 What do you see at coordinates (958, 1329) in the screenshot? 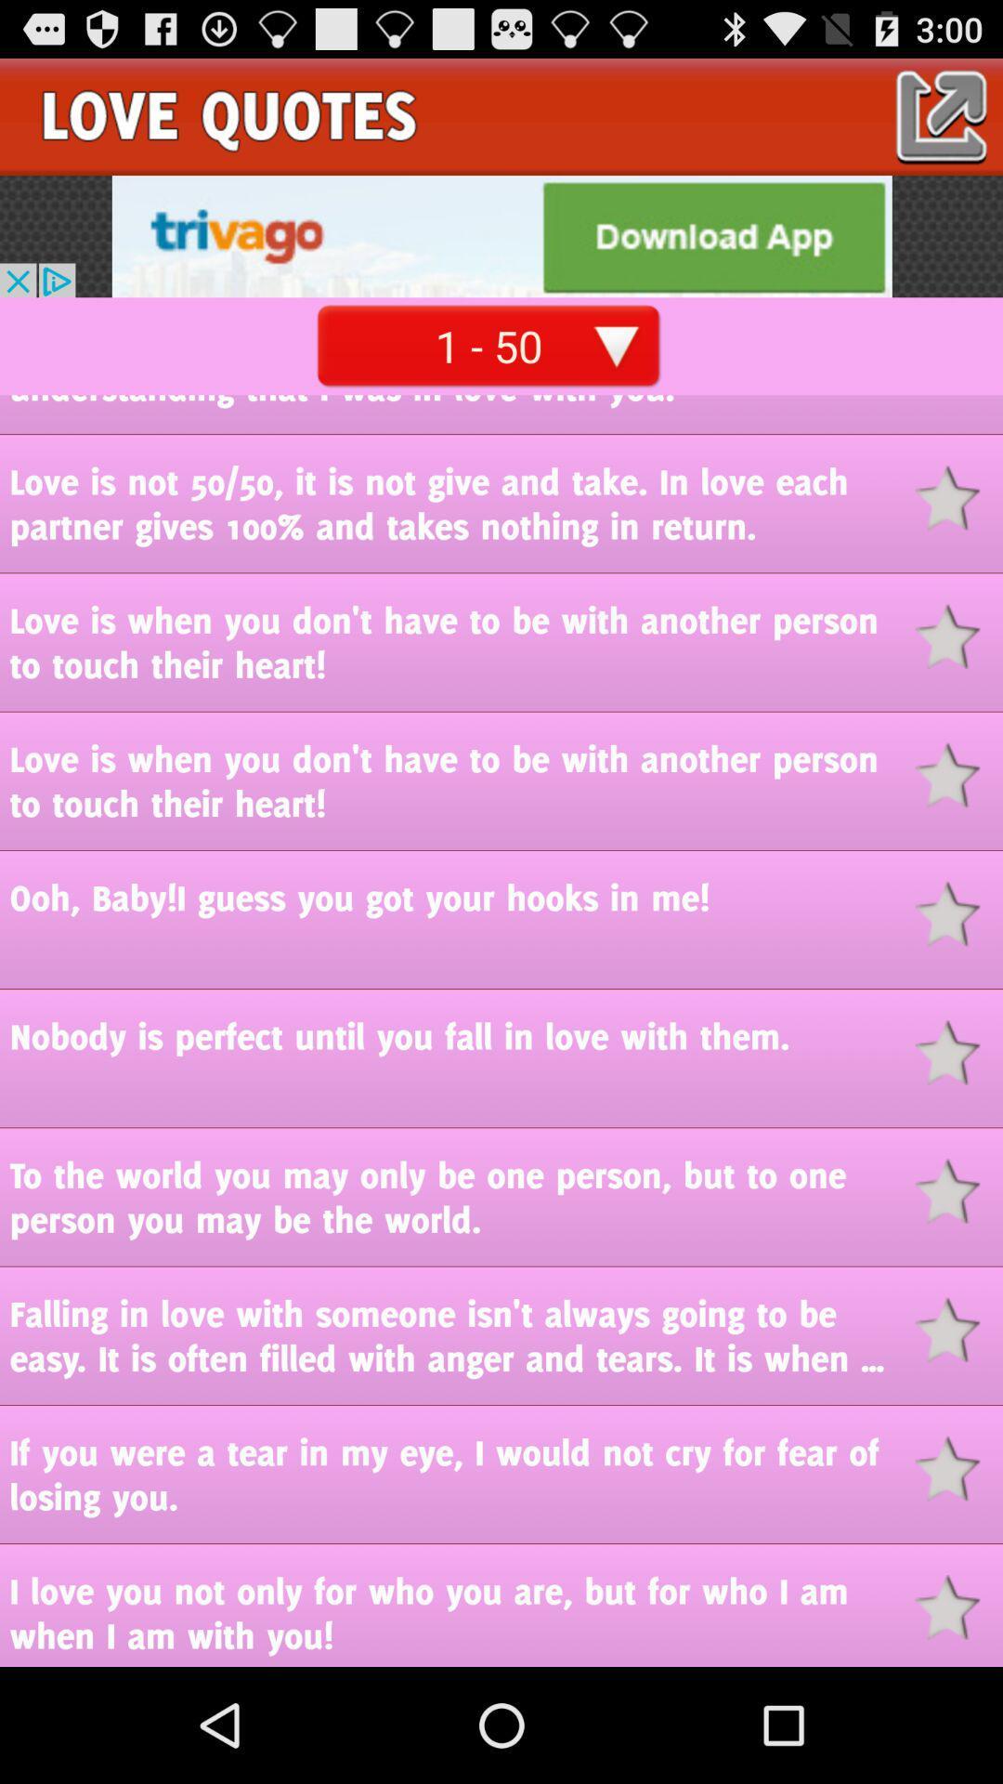
I see `choose the selected story` at bounding box center [958, 1329].